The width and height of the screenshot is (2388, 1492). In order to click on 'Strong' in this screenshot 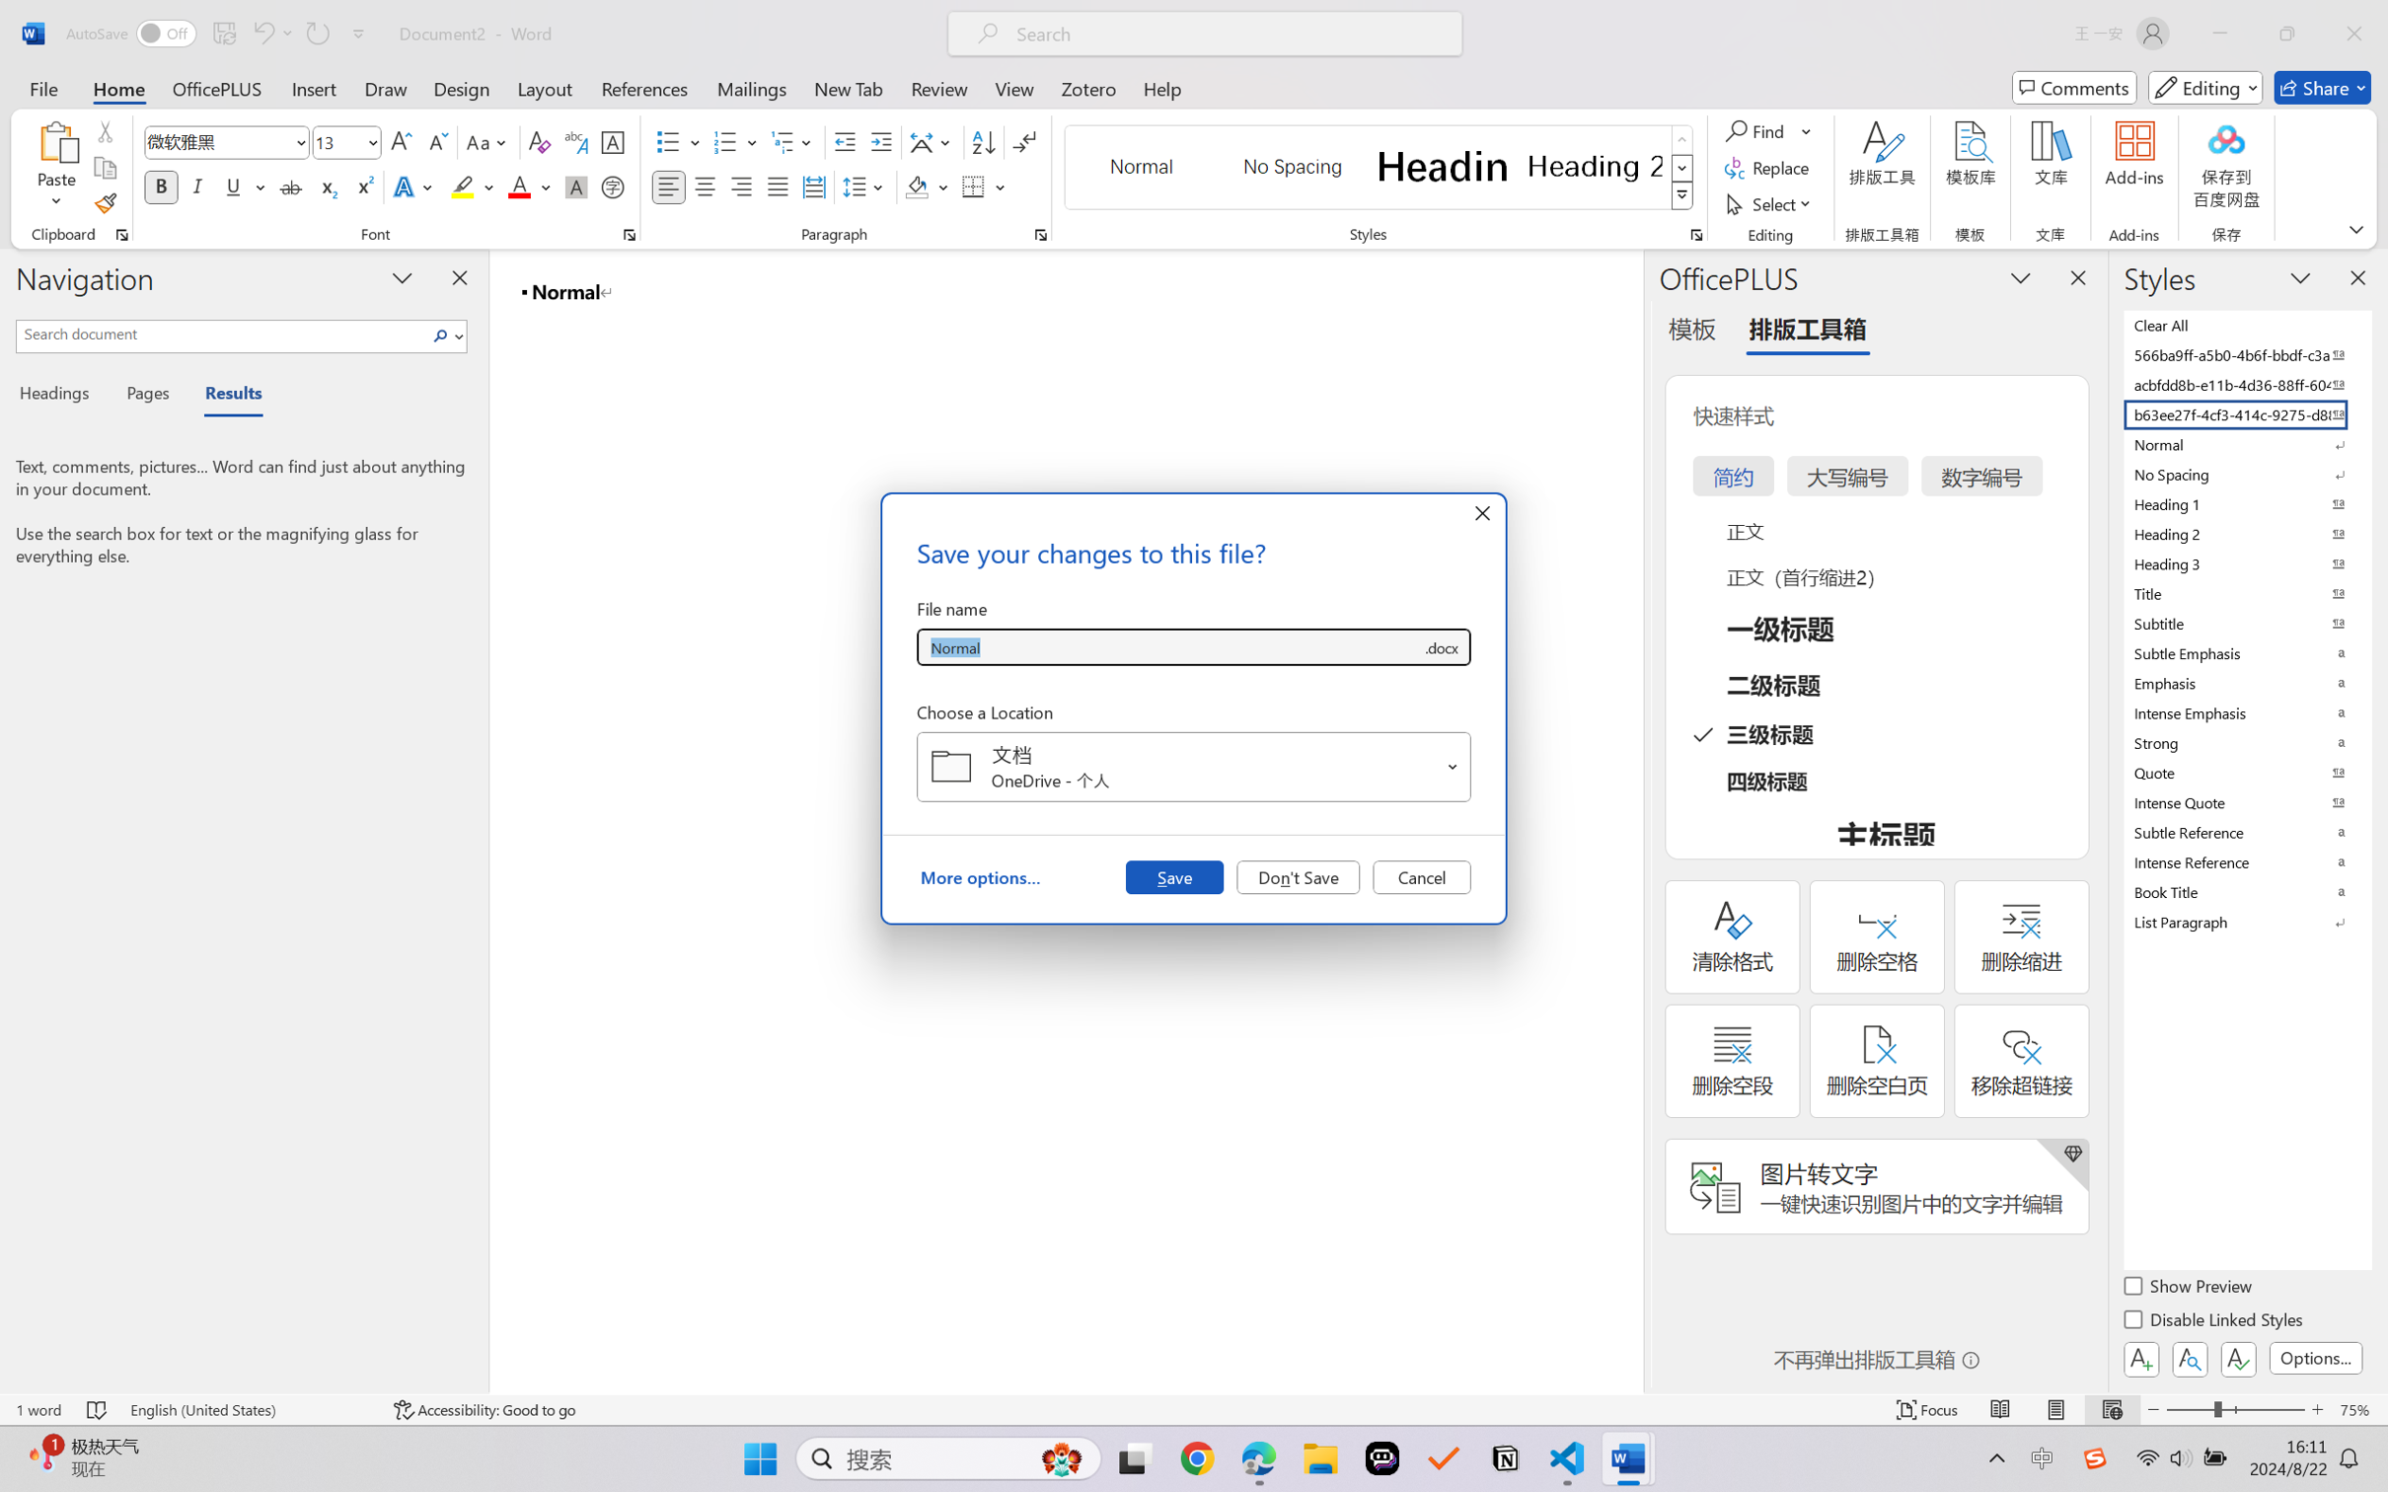, I will do `click(2245, 742)`.